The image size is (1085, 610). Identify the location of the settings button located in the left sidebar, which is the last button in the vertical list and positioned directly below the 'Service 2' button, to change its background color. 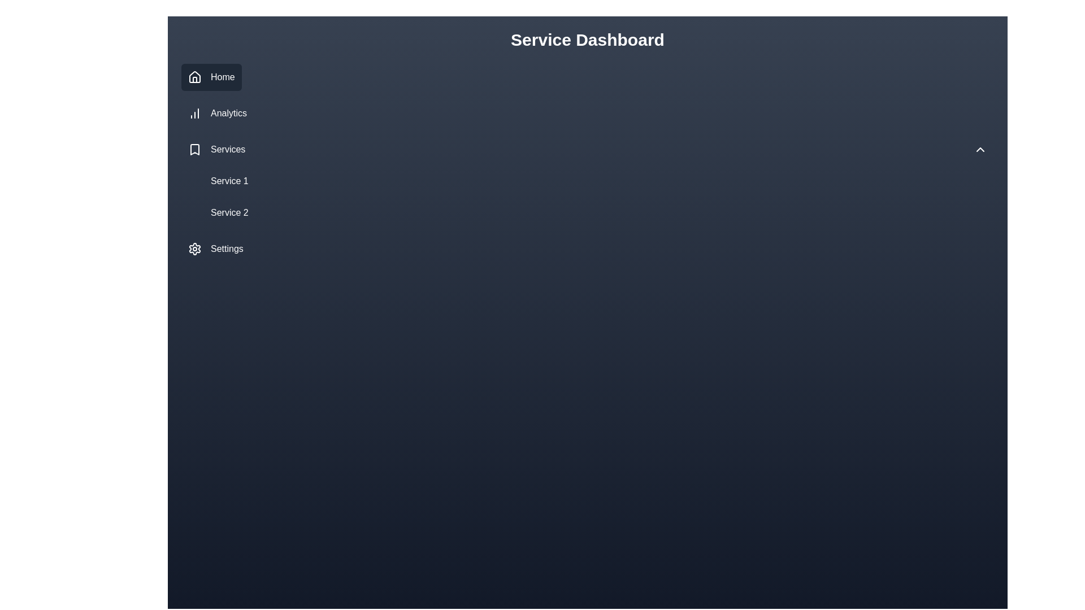
(215, 248).